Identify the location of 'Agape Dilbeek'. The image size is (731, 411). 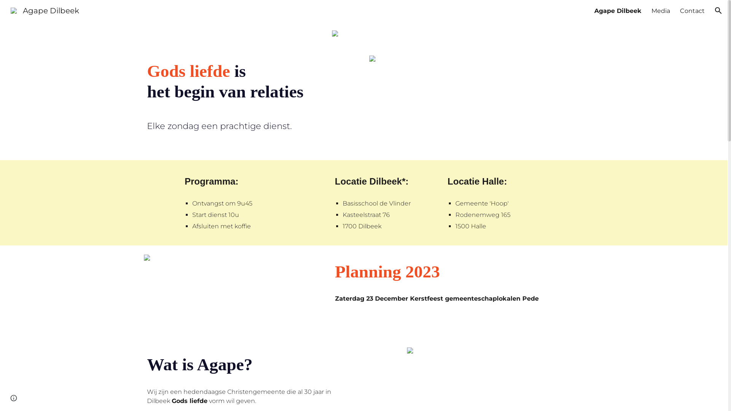
(618, 10).